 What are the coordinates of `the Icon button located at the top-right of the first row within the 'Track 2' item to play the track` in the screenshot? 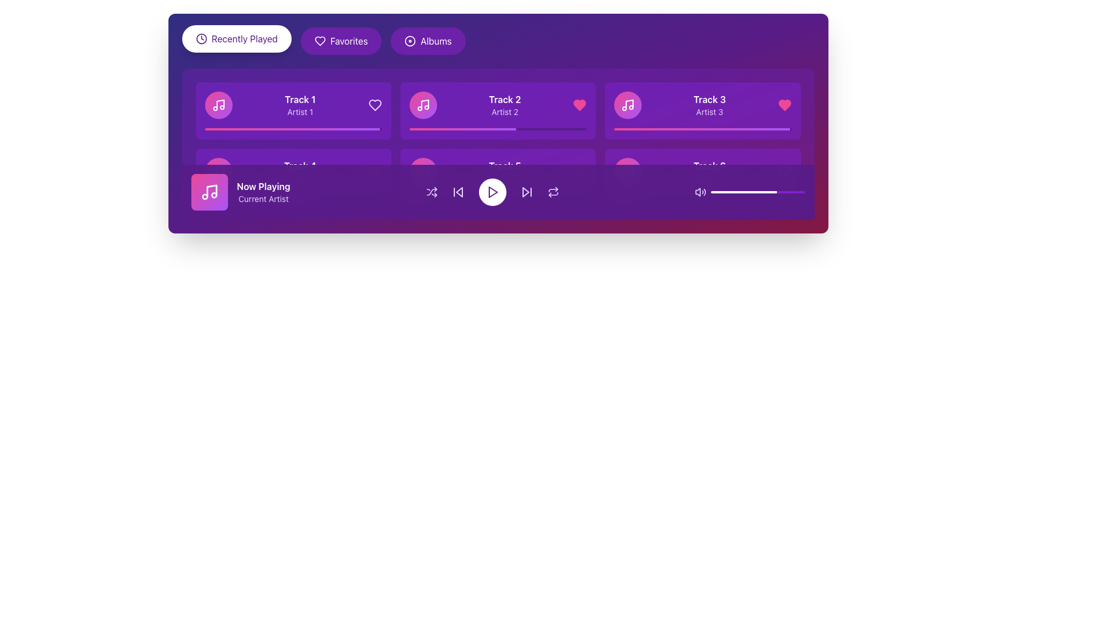 It's located at (422, 105).